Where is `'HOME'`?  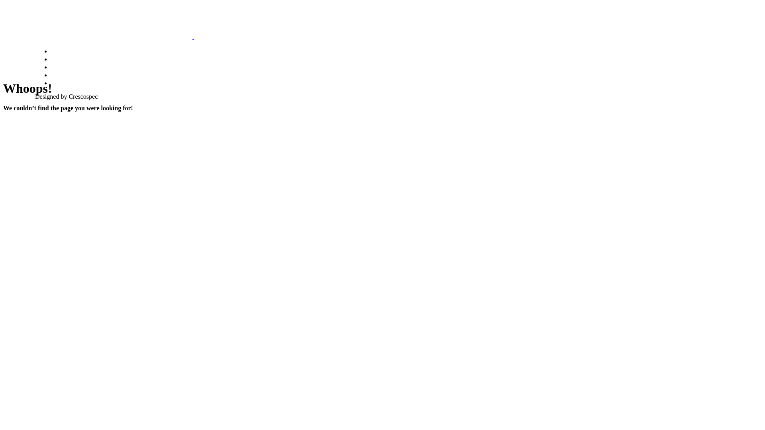
'HOME' is located at coordinates (60, 51).